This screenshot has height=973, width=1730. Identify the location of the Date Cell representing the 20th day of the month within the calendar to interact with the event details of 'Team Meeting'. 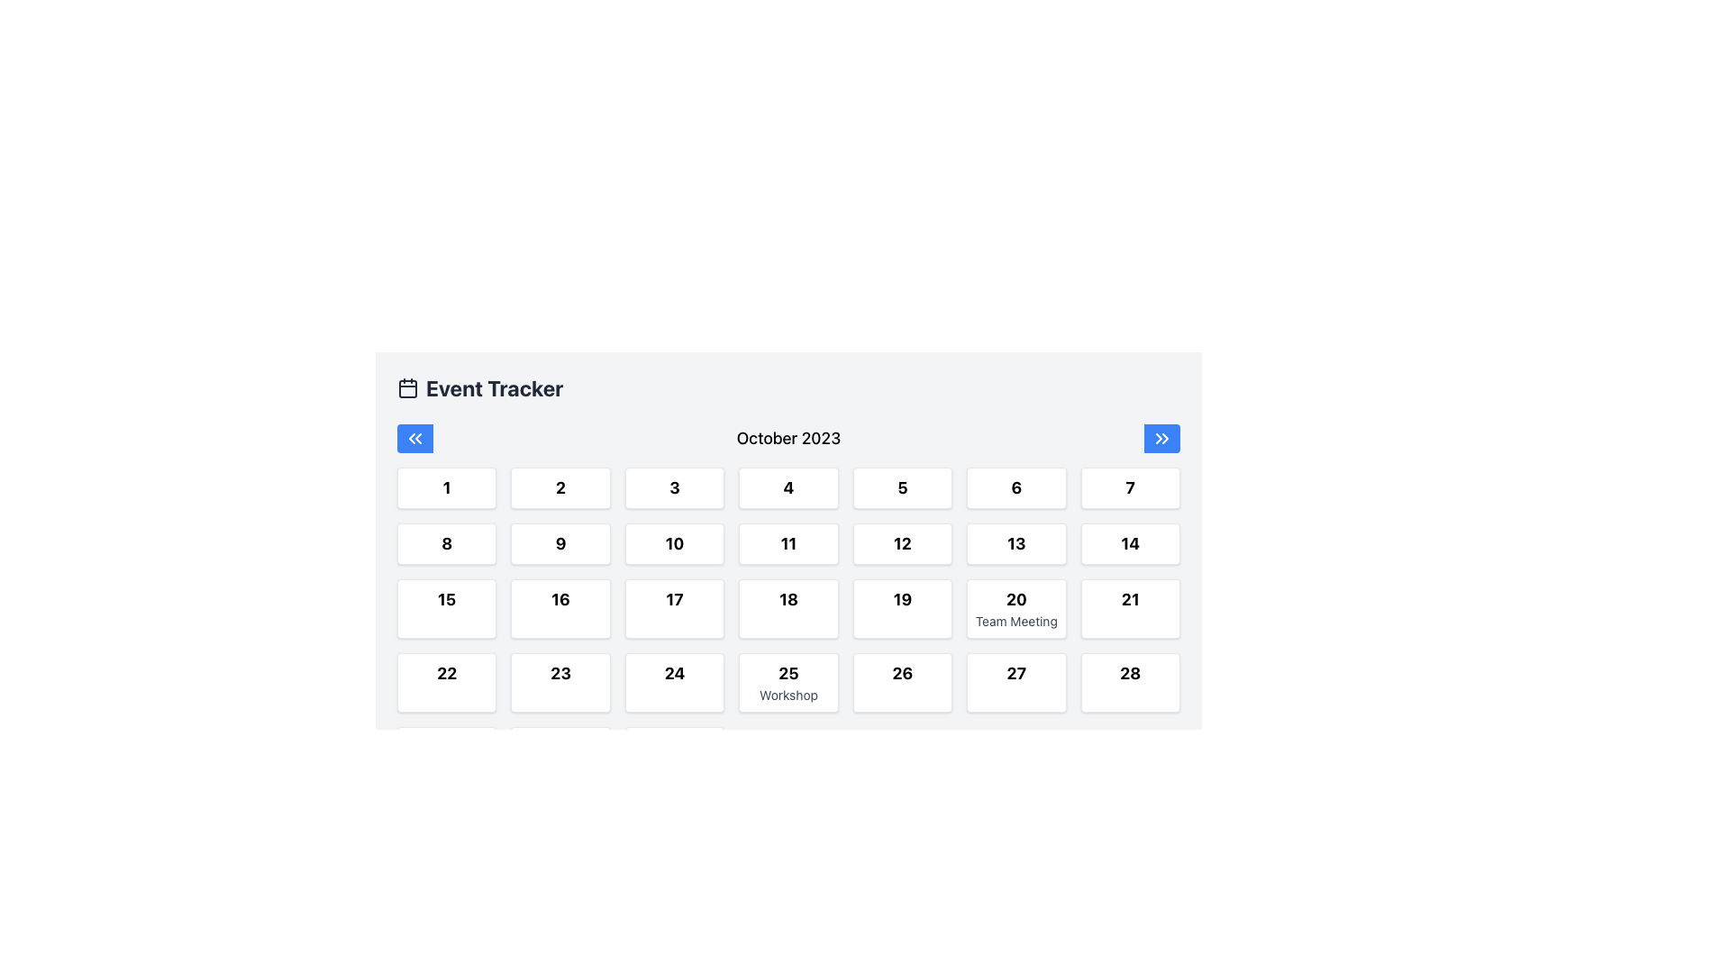
(1016, 608).